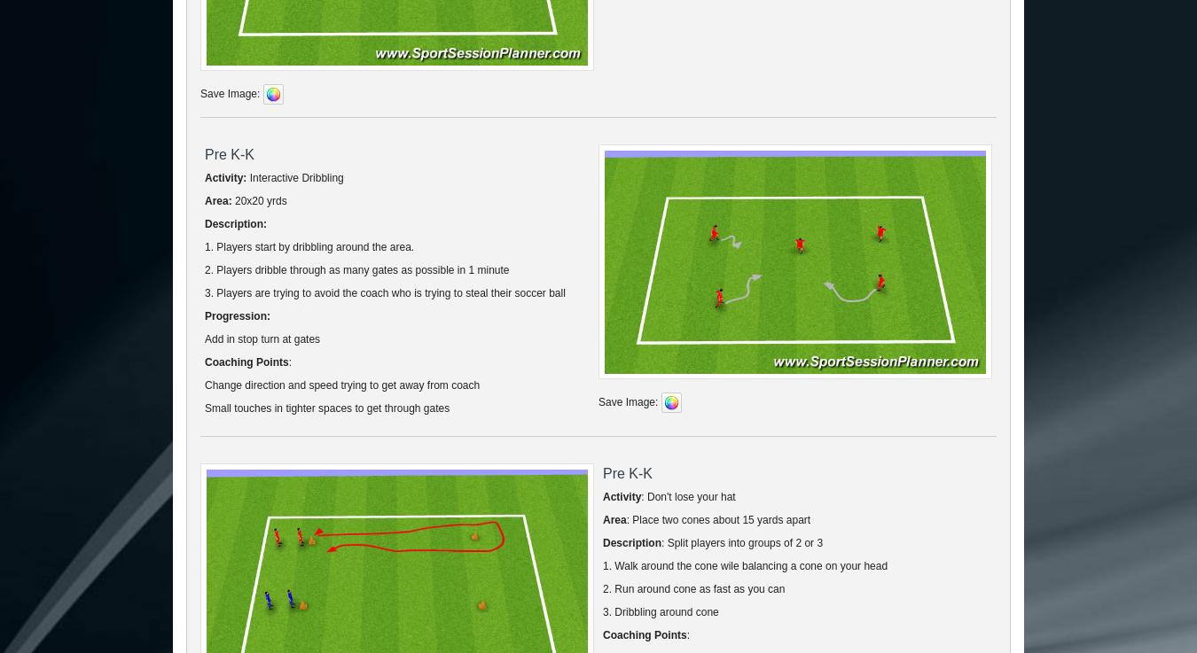  Describe the element at coordinates (630, 542) in the screenshot. I see `'Description'` at that location.